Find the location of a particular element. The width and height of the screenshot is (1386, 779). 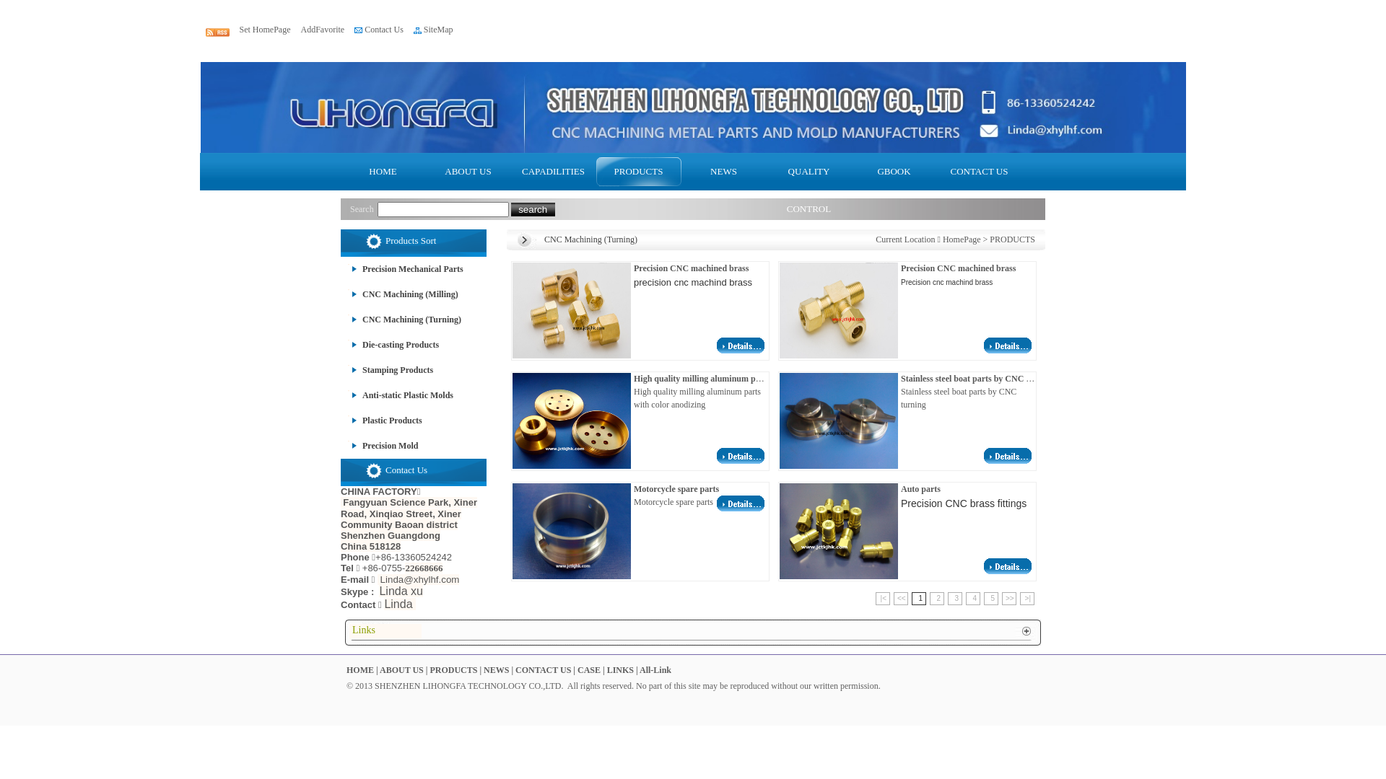

'SiteMap' is located at coordinates (437, 30).